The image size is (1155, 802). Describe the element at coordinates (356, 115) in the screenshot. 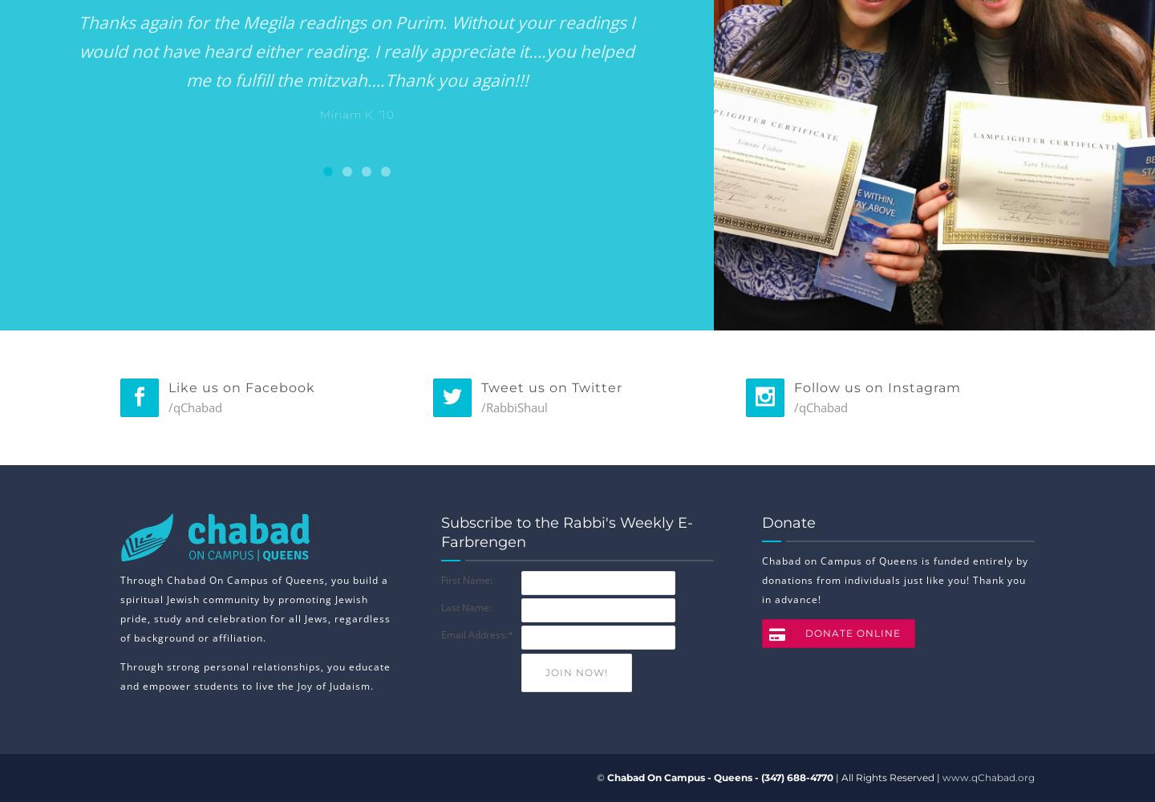

I see `'Miriam K. ’10'` at that location.